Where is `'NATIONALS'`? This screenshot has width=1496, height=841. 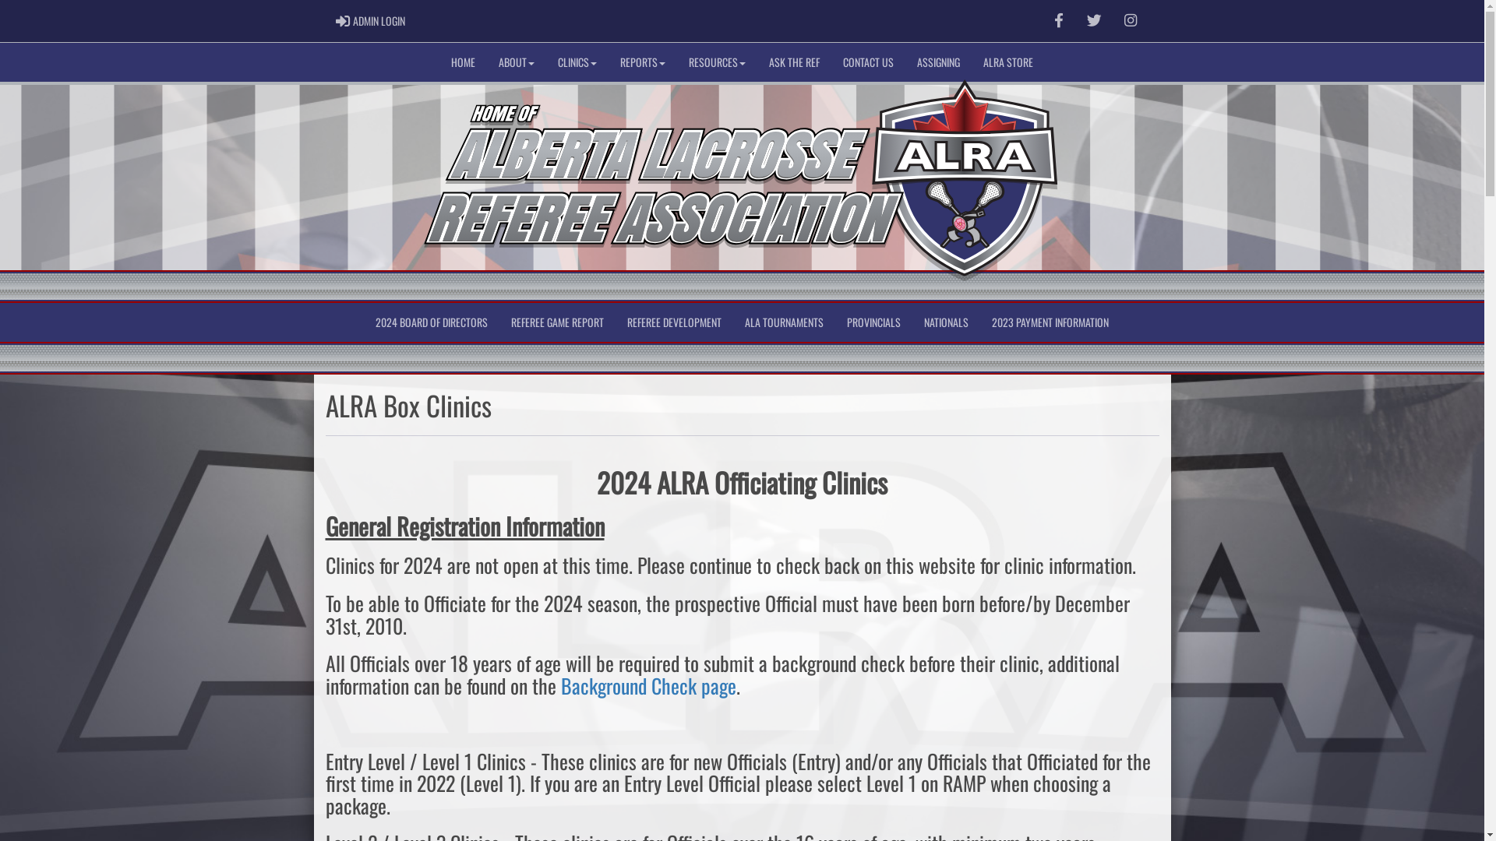 'NATIONALS' is located at coordinates (912, 321).